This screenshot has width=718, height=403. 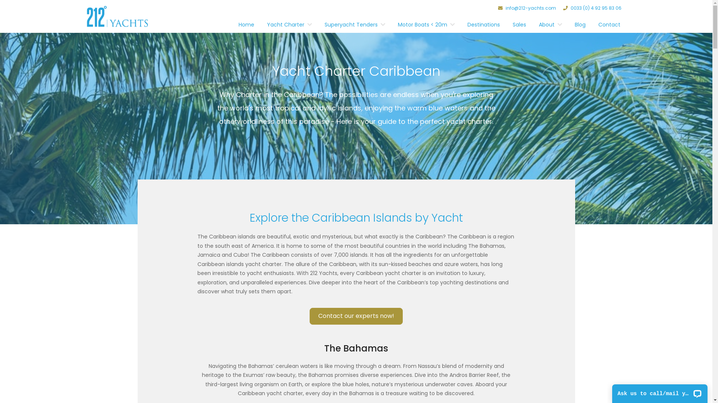 What do you see at coordinates (592, 8) in the screenshot?
I see `'0033 (0) 4 92 95 83 06'` at bounding box center [592, 8].